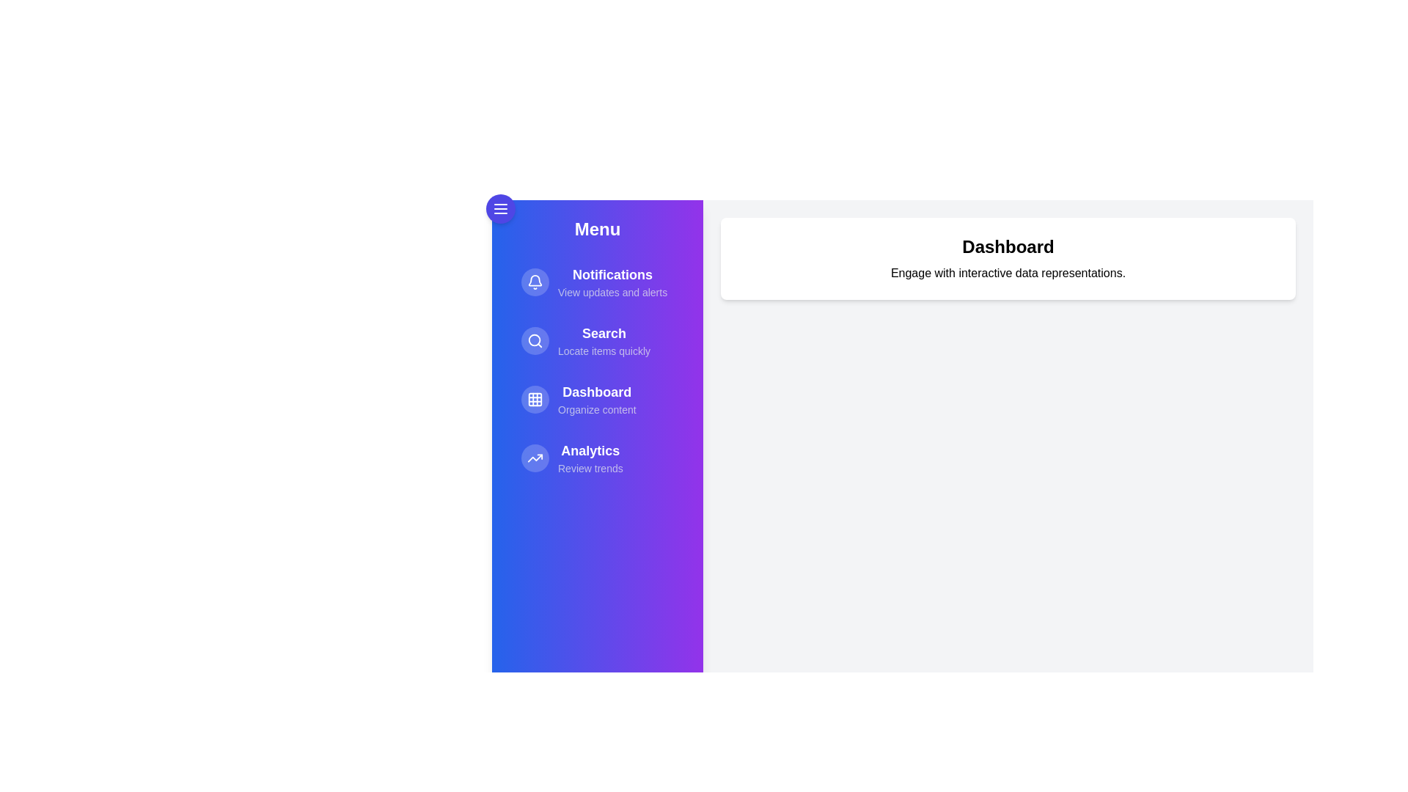  I want to click on the main dashboard content area, so click(1007, 596).